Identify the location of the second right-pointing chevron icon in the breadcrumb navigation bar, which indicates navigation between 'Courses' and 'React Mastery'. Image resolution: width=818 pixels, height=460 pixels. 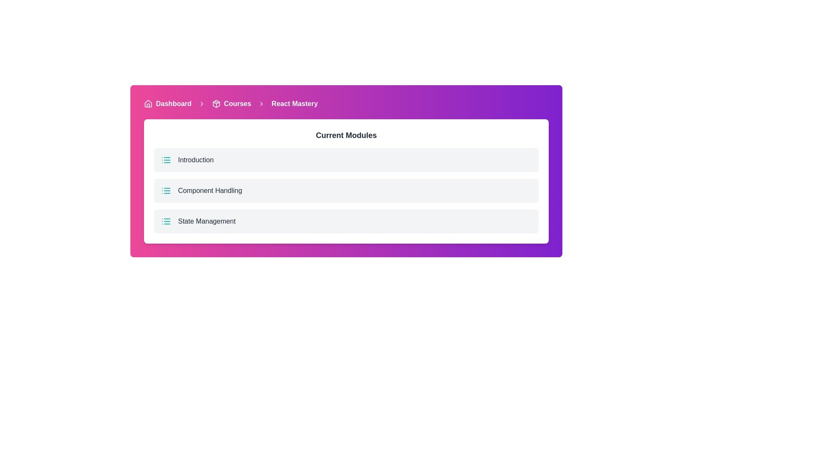
(261, 103).